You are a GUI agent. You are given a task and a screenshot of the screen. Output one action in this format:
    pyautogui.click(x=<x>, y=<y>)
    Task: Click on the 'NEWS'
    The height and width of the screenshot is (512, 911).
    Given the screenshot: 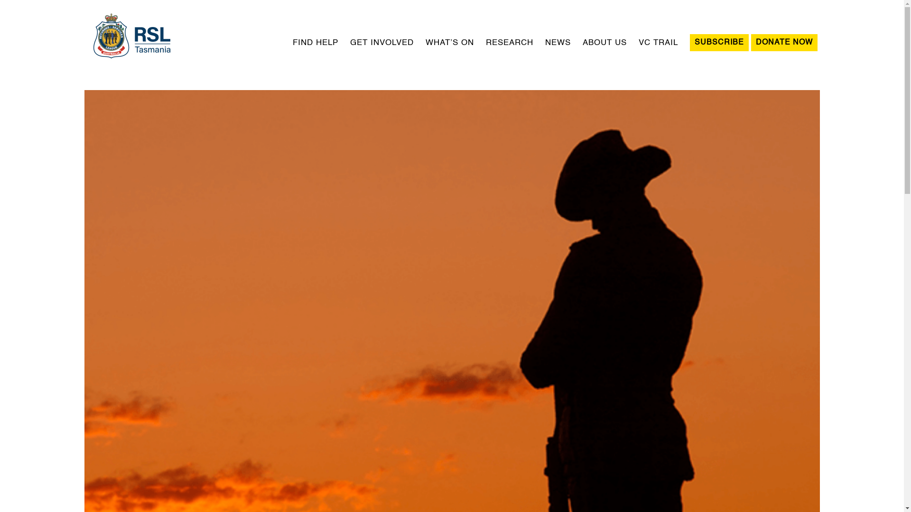 What is the action you would take?
    pyautogui.click(x=558, y=42)
    